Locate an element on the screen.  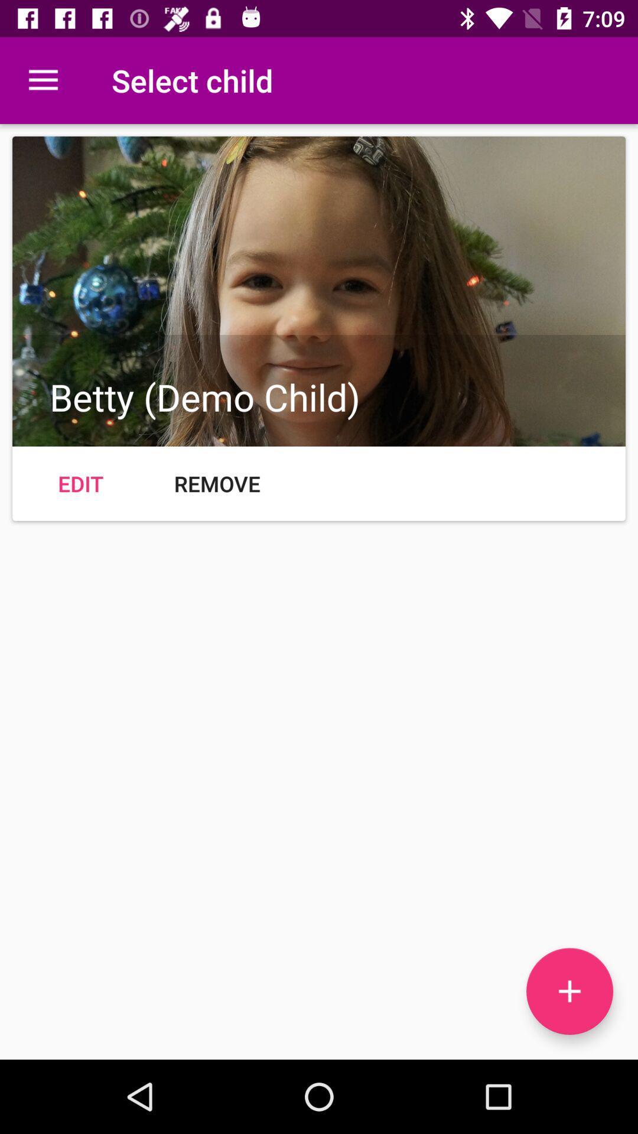
photo option is located at coordinates (569, 991).